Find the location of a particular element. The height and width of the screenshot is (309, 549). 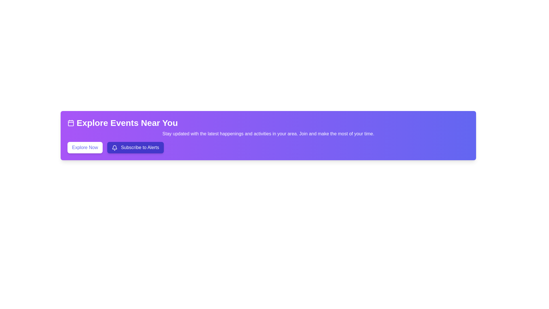

the text block displaying 'Stay updated with the latest happenings and activities in your area.' which is centrally located within a purple-gradient rectangular section, positioned above the buttons 'Explore Now' and 'Subscribe to Alerts.' is located at coordinates (268, 134).